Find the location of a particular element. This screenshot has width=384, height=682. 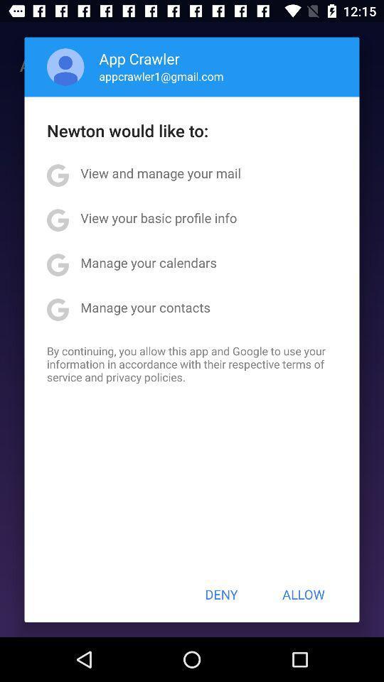

the deny item is located at coordinates (221, 594).